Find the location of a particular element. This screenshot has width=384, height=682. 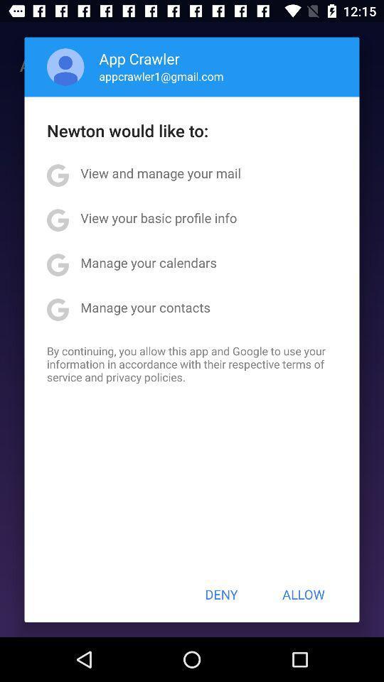

the deny item is located at coordinates (221, 594).